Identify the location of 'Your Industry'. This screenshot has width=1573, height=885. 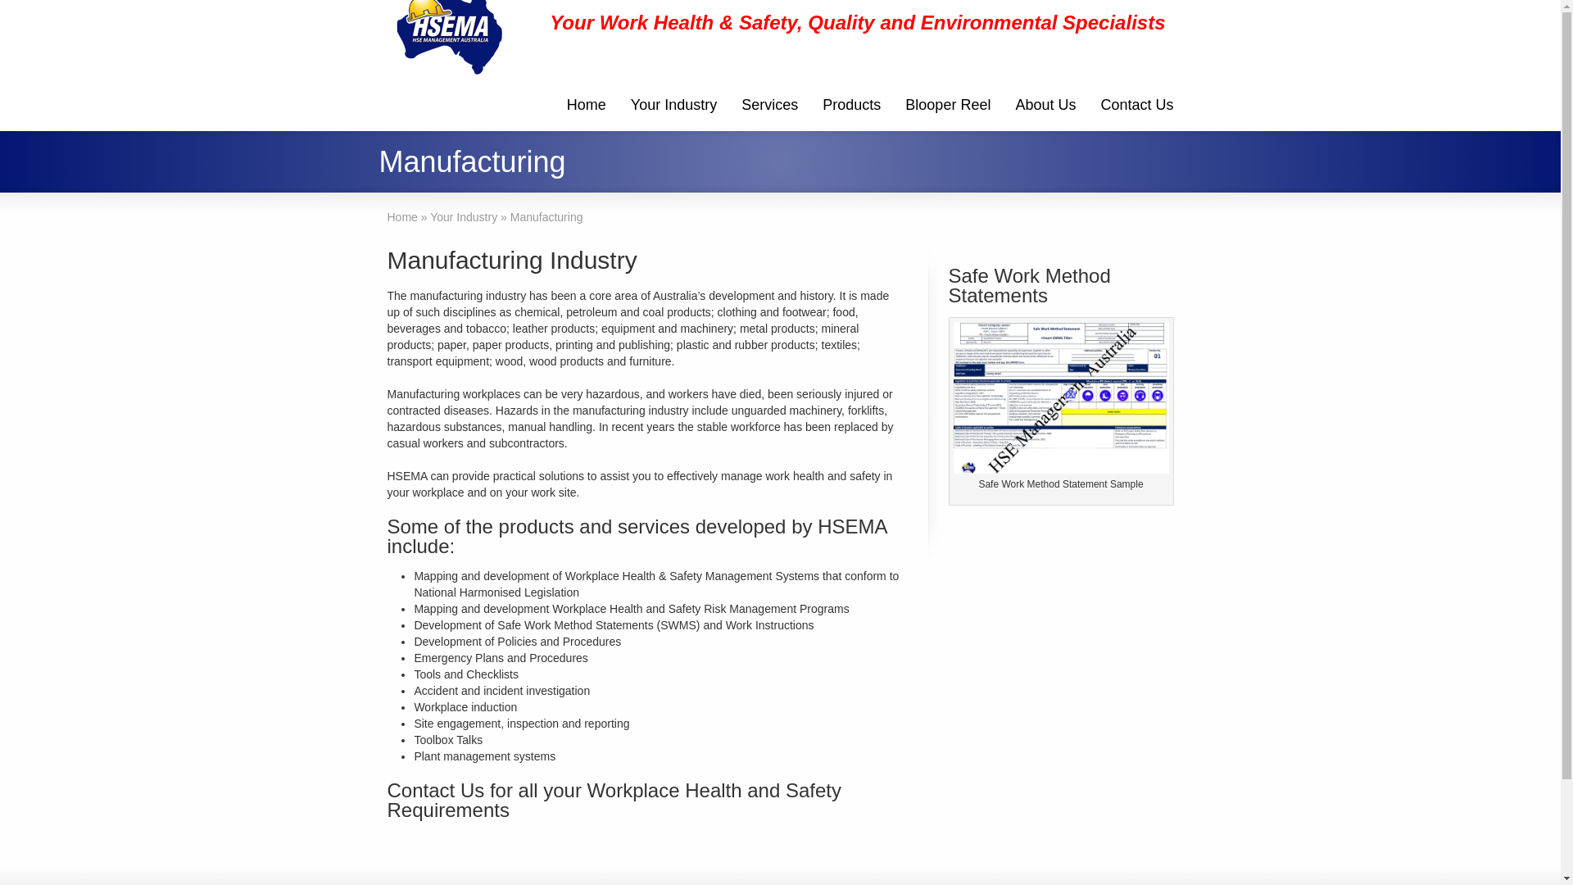
(617, 107).